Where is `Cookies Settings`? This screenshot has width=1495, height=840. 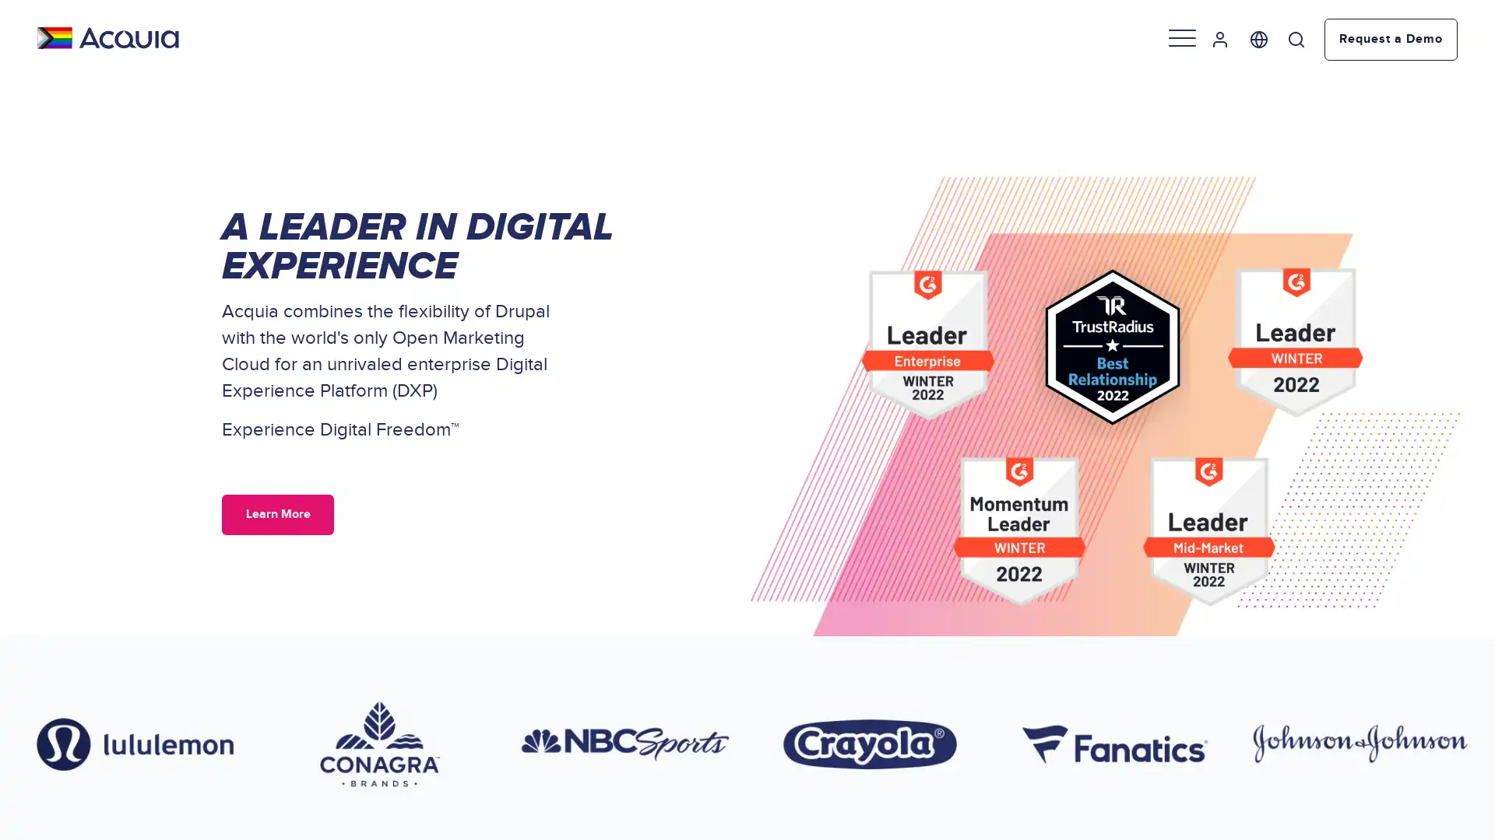
Cookies Settings is located at coordinates (158, 779).